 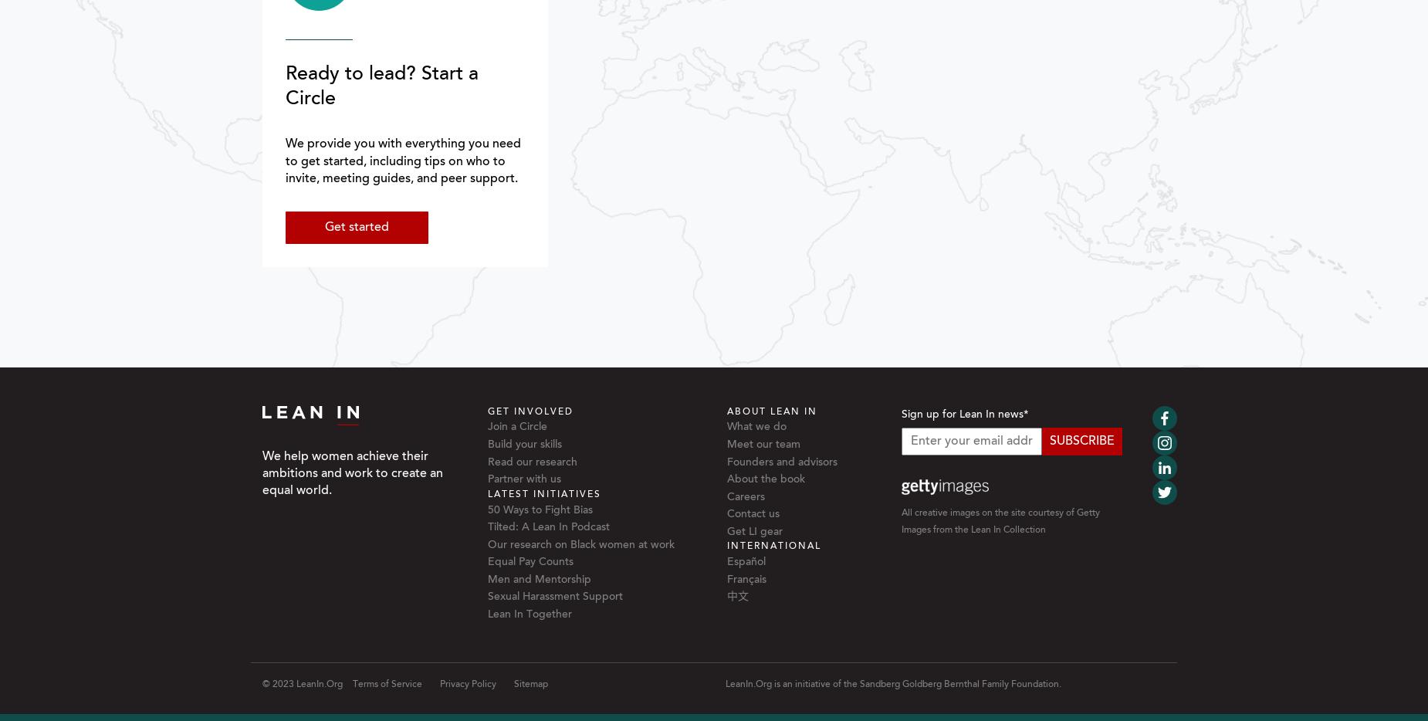 What do you see at coordinates (762, 443) in the screenshot?
I see `'Meet our team'` at bounding box center [762, 443].